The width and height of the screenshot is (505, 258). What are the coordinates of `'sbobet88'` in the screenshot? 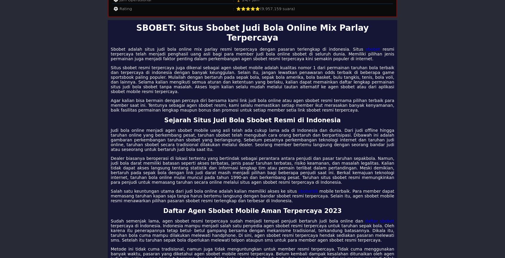 It's located at (307, 191).